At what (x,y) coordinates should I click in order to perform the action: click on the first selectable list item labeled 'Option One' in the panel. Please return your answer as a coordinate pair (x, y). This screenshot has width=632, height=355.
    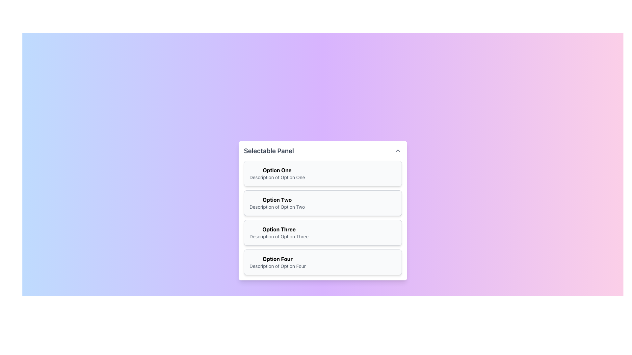
    Looking at the image, I should click on (277, 173).